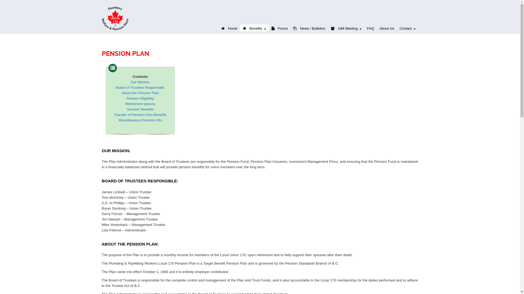 Image resolution: width=524 pixels, height=294 pixels. I want to click on 'FAQ', so click(371, 28).